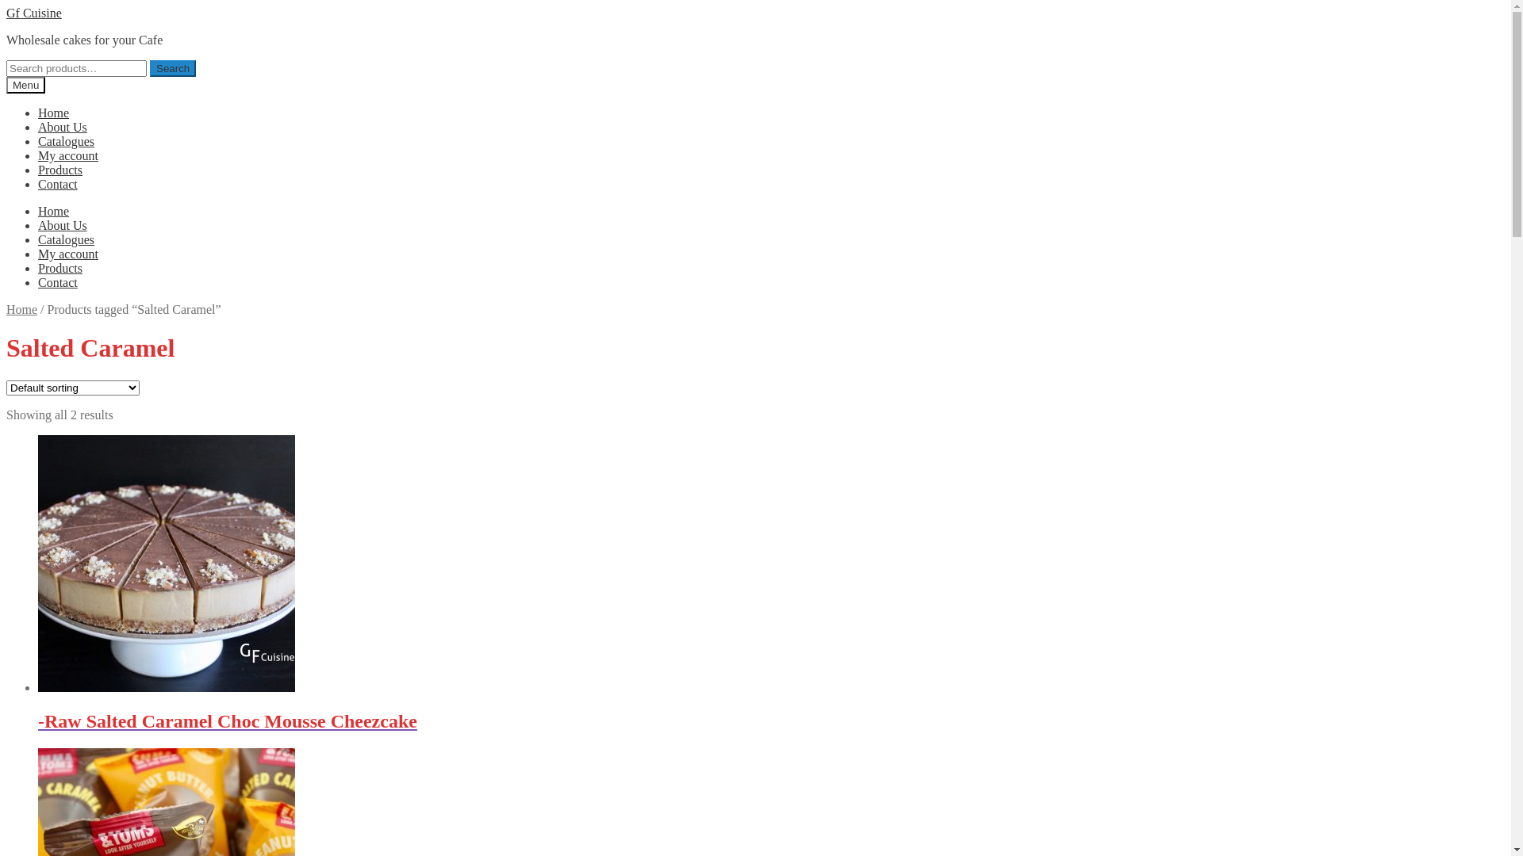 This screenshot has width=1523, height=856. Describe the element at coordinates (38, 705) in the screenshot. I see `'-Raw Salted Caramel Choc Mousse Cheezcake'` at that location.